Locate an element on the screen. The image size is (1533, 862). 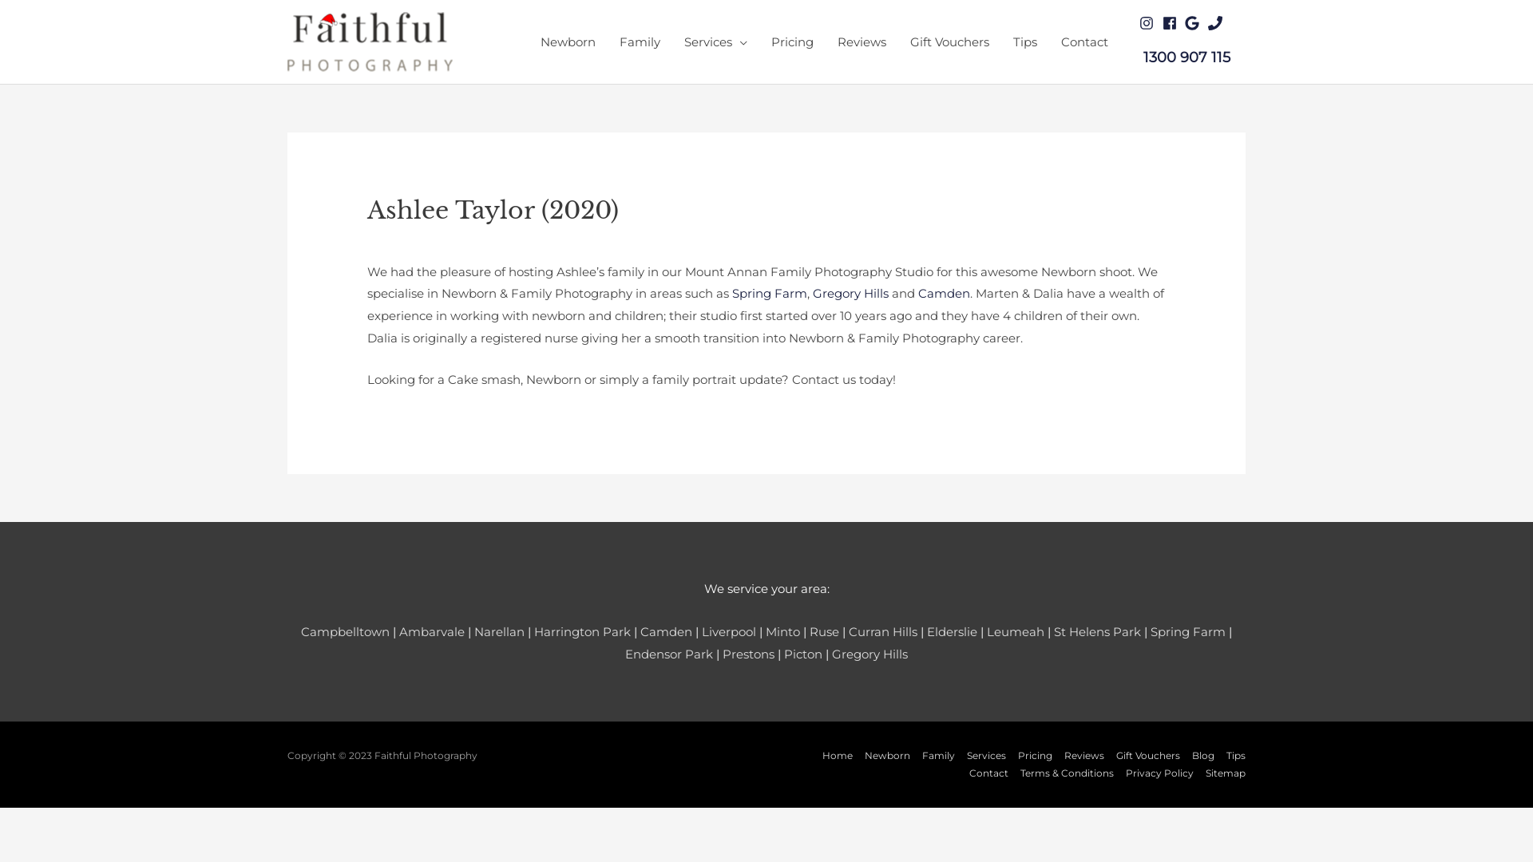
'Ambarvale' is located at coordinates (432, 631).